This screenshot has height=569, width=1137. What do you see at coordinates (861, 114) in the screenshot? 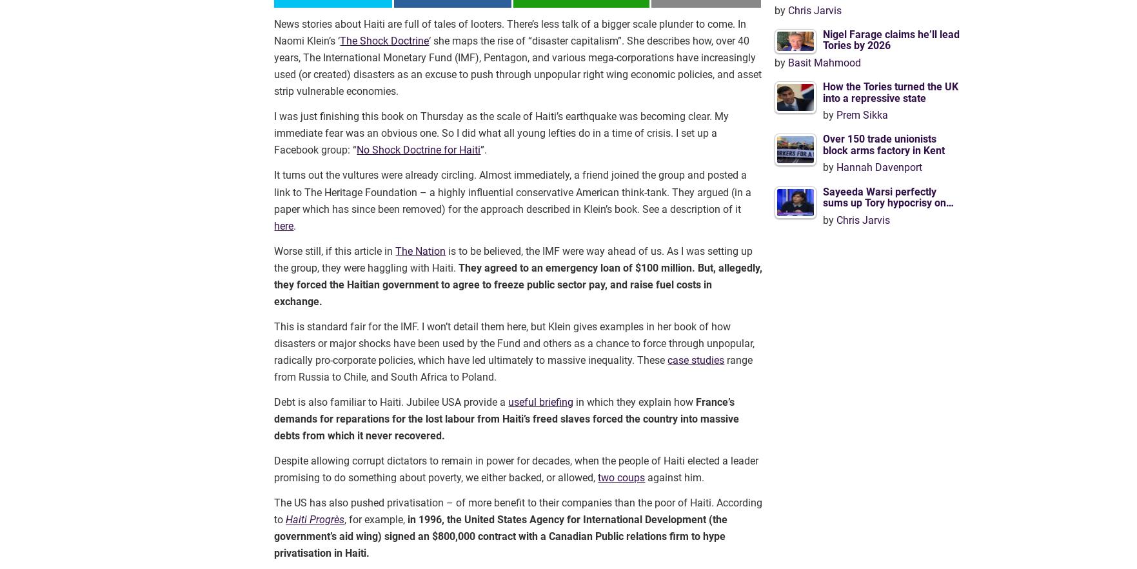
I see `'Prem Sikka'` at bounding box center [861, 114].